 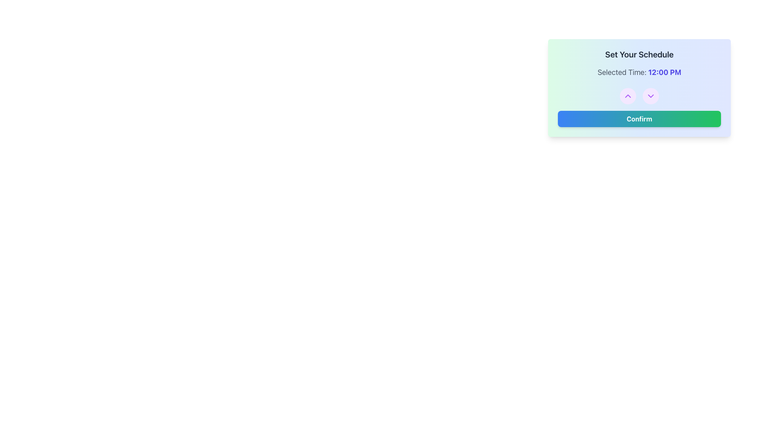 What do you see at coordinates (650, 95) in the screenshot?
I see `the downward-pointing chevron arrow icon button styled in purple, located below the text 'Set Your Schedule' and 'Selected Time: 12:00 PM'` at bounding box center [650, 95].